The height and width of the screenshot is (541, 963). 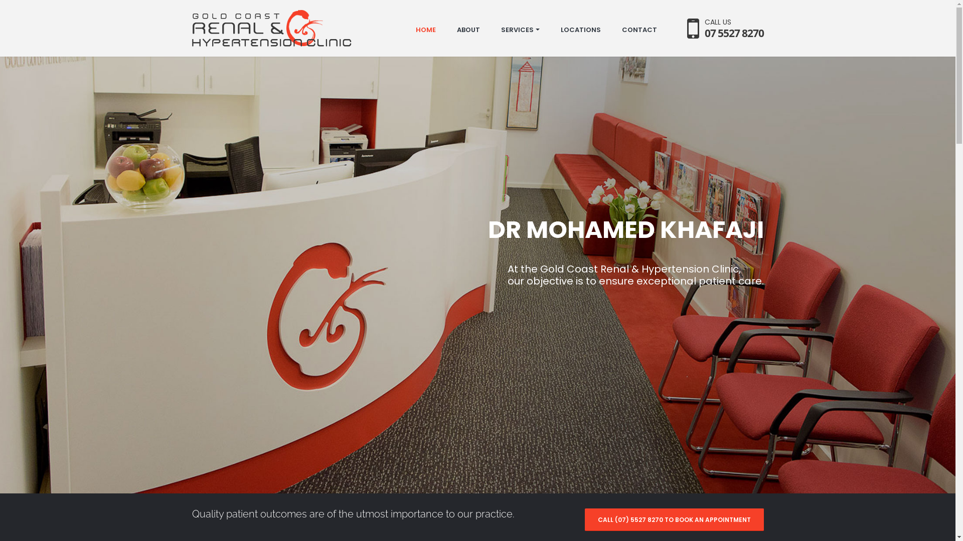 I want to click on 'HOME', so click(x=425, y=30).